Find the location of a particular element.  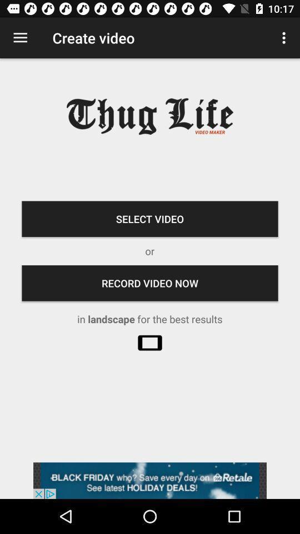

advertisement display is located at coordinates (150, 480).